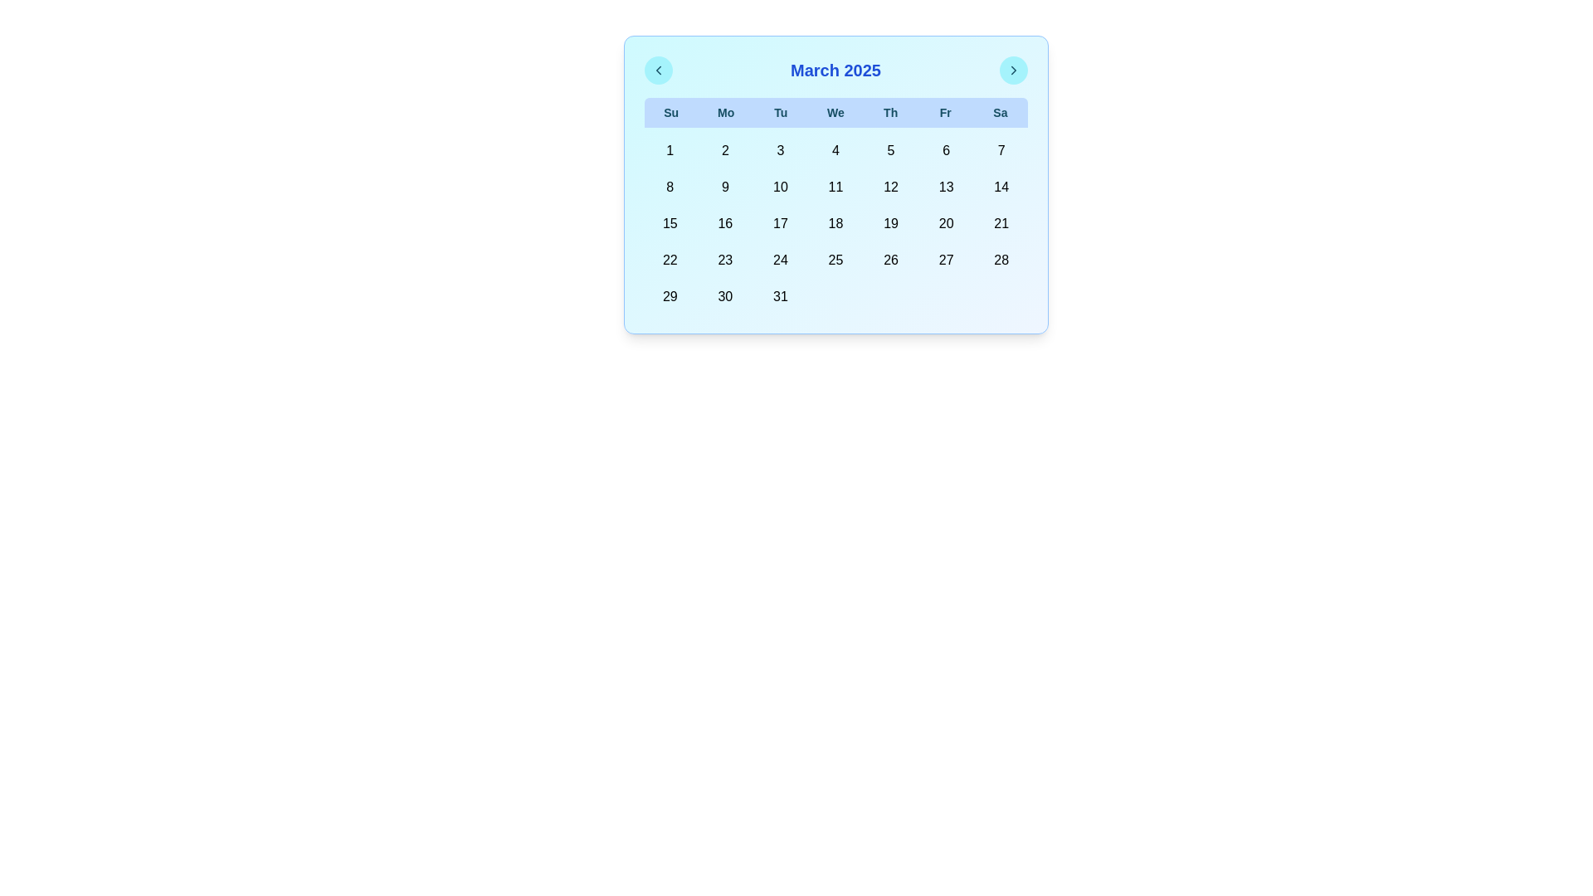 The width and height of the screenshot is (1593, 896). What do you see at coordinates (946, 150) in the screenshot?
I see `the clickable calendar date box representing the 6th day of March 2025, located under the column labeled 'Fr' for Friday` at bounding box center [946, 150].